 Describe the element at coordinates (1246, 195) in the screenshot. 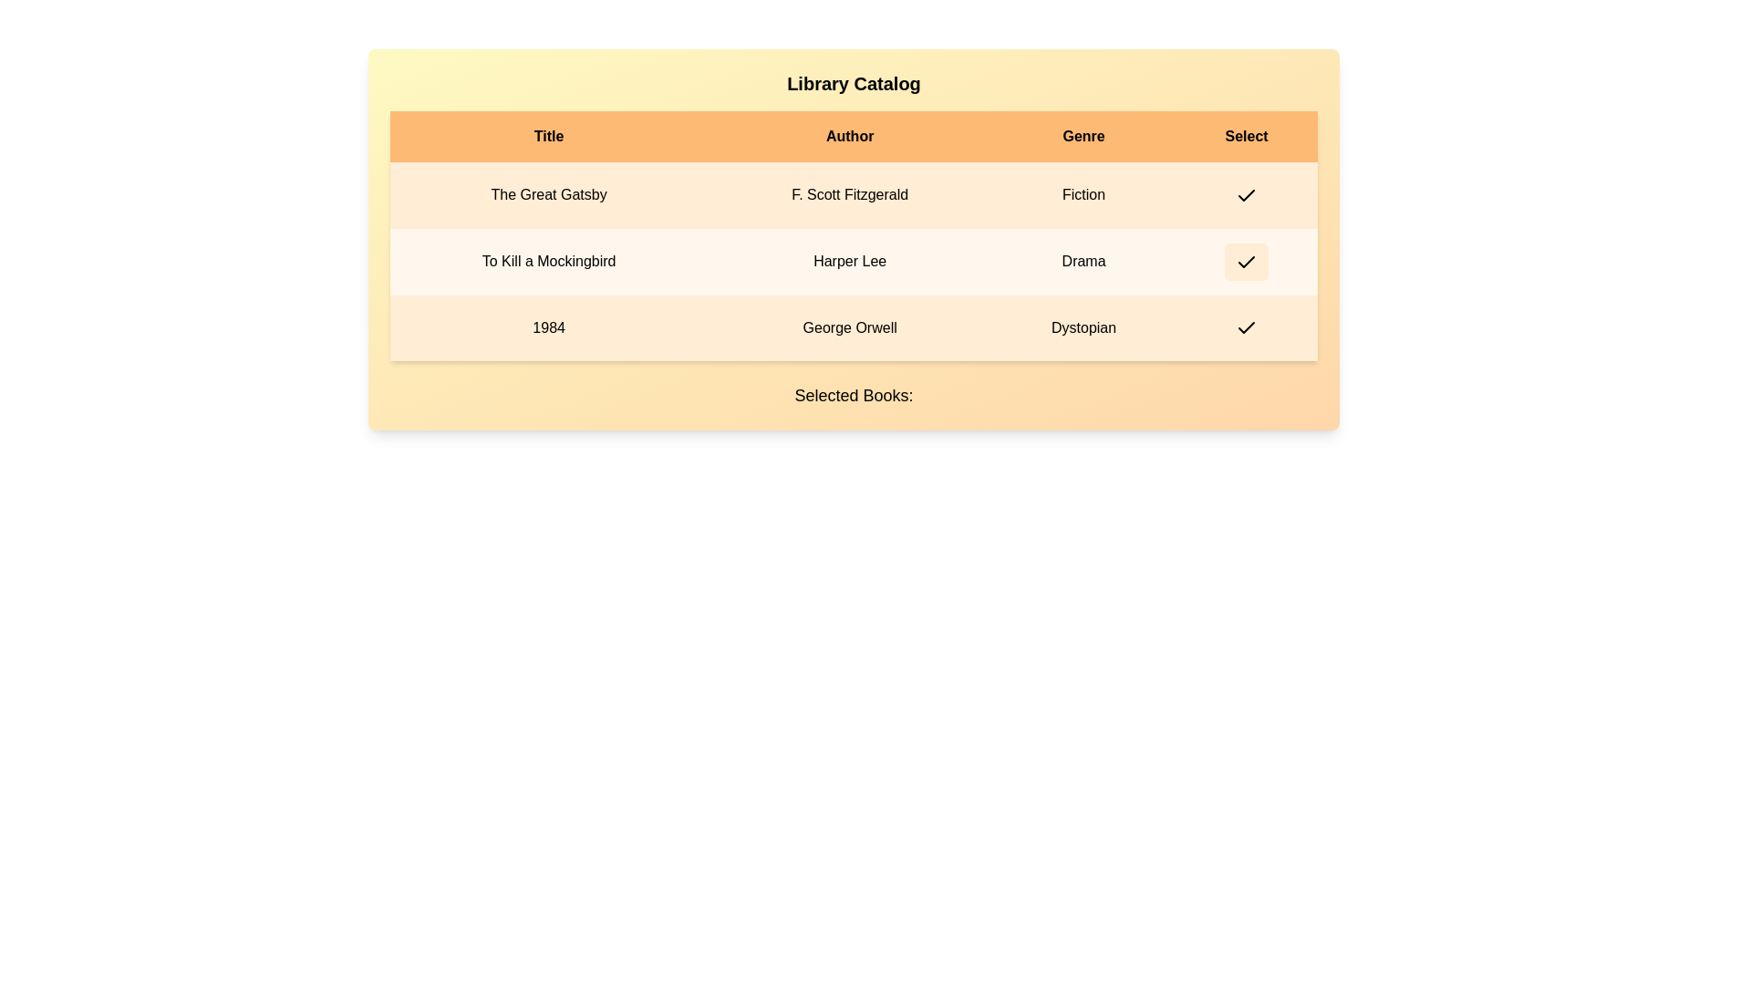

I see `the first check mark icon in the 'Select' column of the 'Library Catalog' table, which signifies that 'The Great Gatsby' is selected` at that location.